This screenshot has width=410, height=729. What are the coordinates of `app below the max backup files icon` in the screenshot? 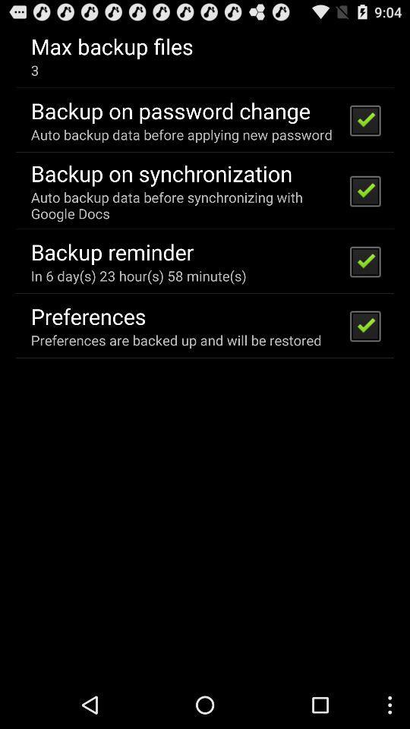 It's located at (35, 70).